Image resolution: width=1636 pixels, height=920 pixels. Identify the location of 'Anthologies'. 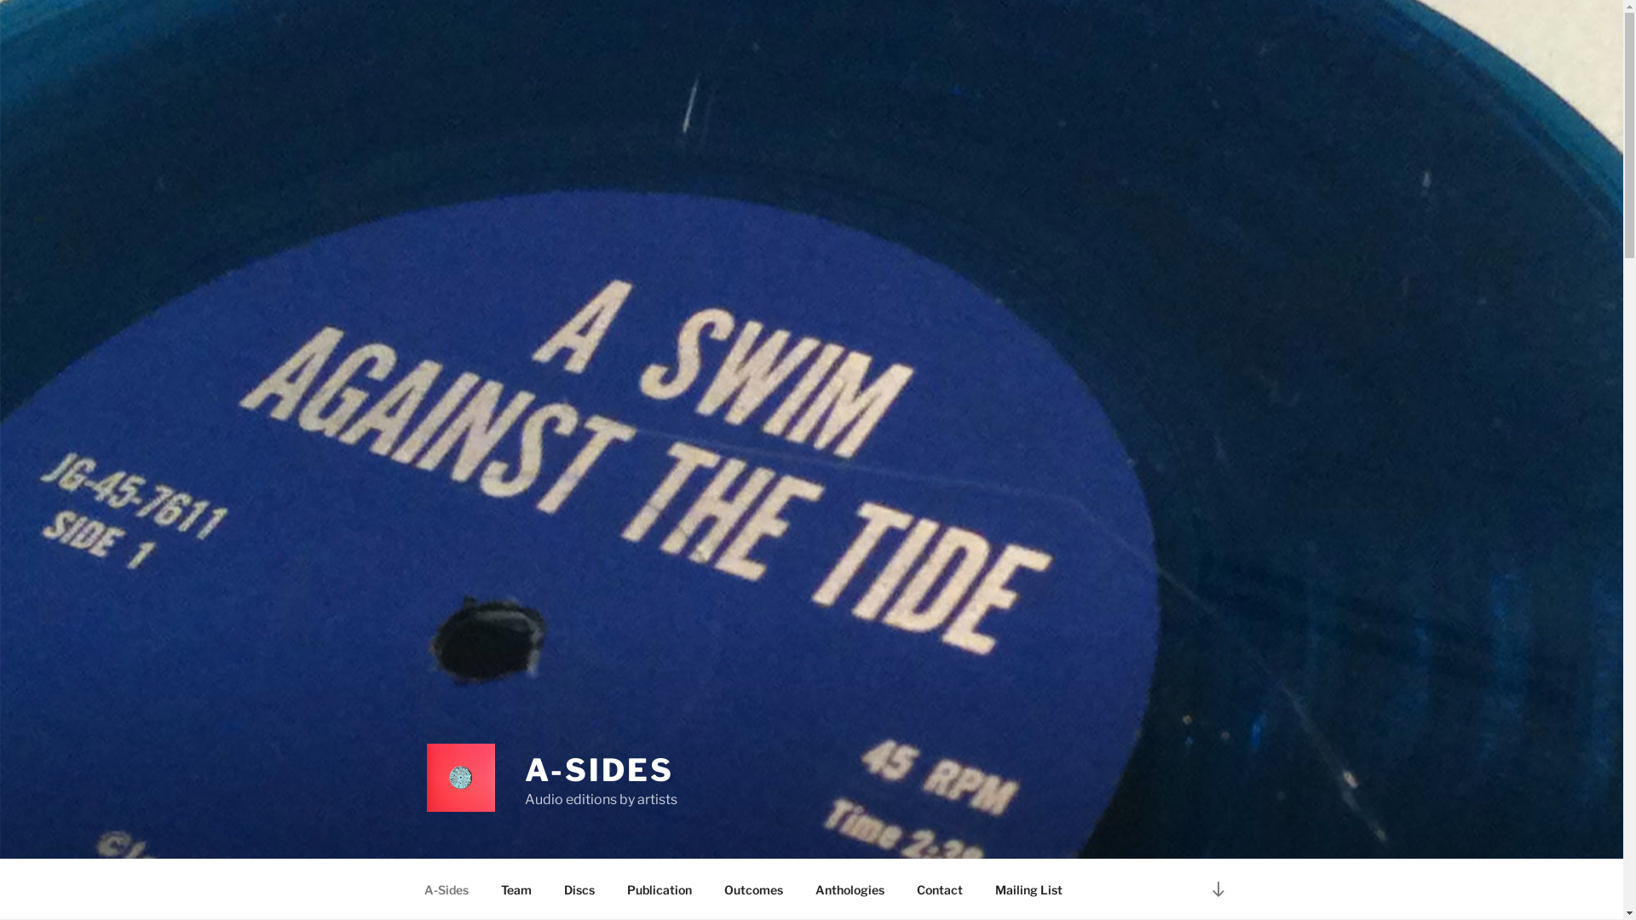
(850, 888).